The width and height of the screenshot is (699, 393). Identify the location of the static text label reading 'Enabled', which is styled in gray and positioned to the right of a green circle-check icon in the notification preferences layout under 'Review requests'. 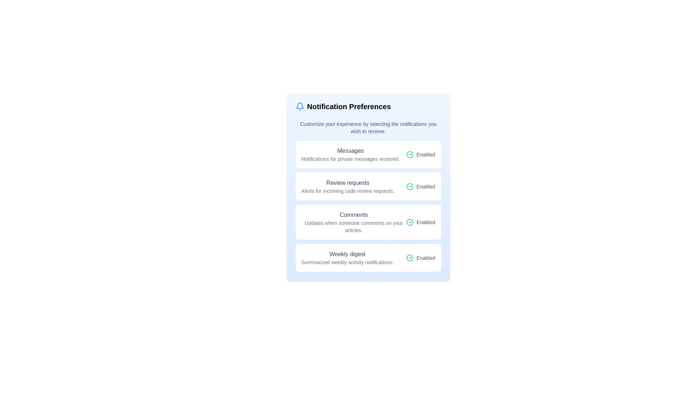
(426, 186).